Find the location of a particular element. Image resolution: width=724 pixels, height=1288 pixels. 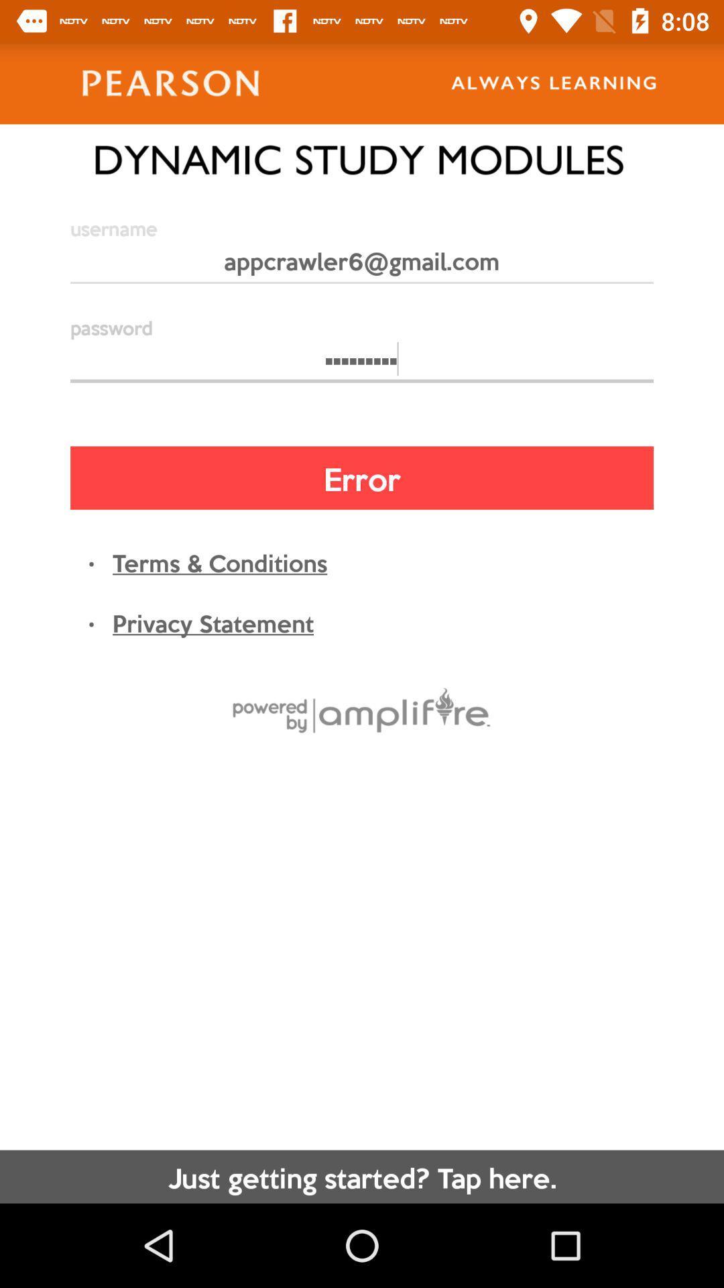

the item below appcrawler6@gmail.com icon is located at coordinates (362, 366).